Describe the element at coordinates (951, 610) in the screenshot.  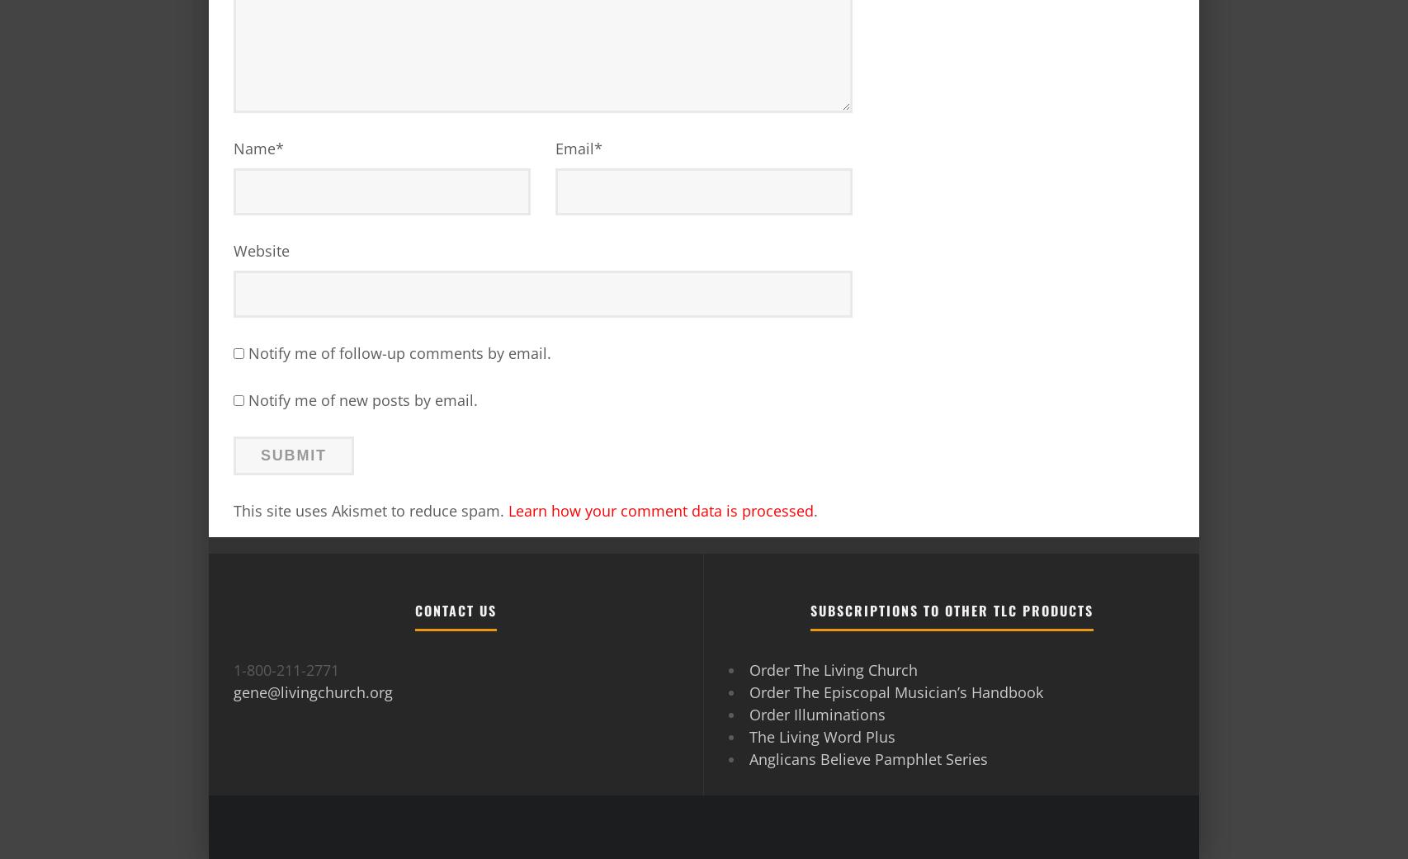
I see `'Subscriptions to other TLC products'` at that location.